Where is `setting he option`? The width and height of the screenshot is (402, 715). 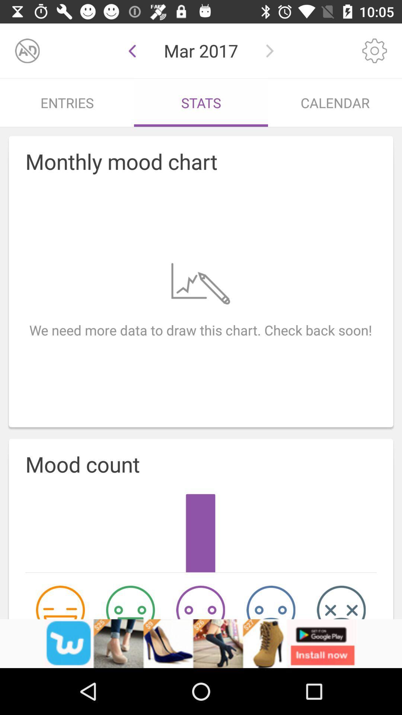
setting he option is located at coordinates (374, 50).